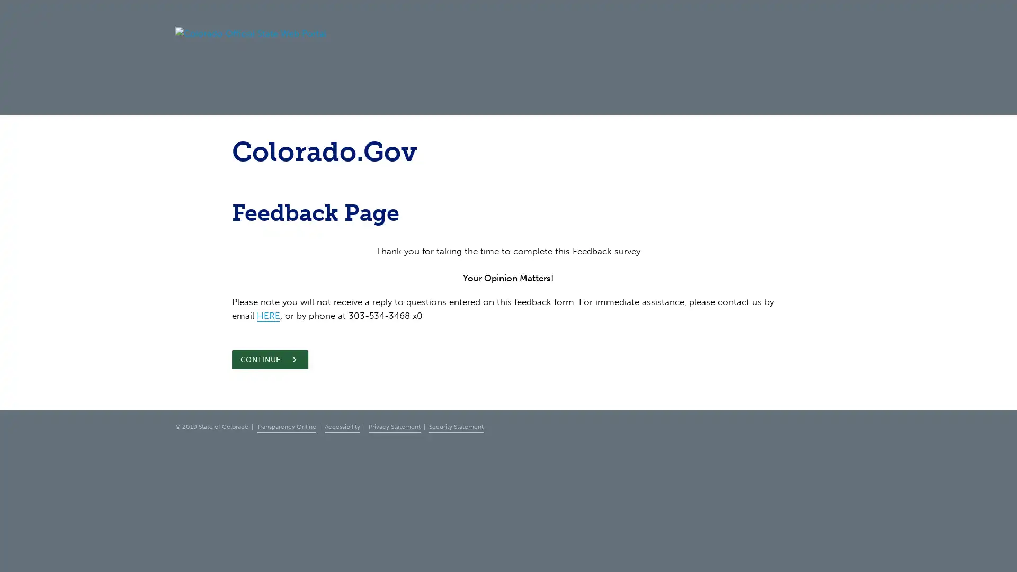 The width and height of the screenshot is (1017, 572). What do you see at coordinates (269, 359) in the screenshot?
I see `CONTINUE` at bounding box center [269, 359].